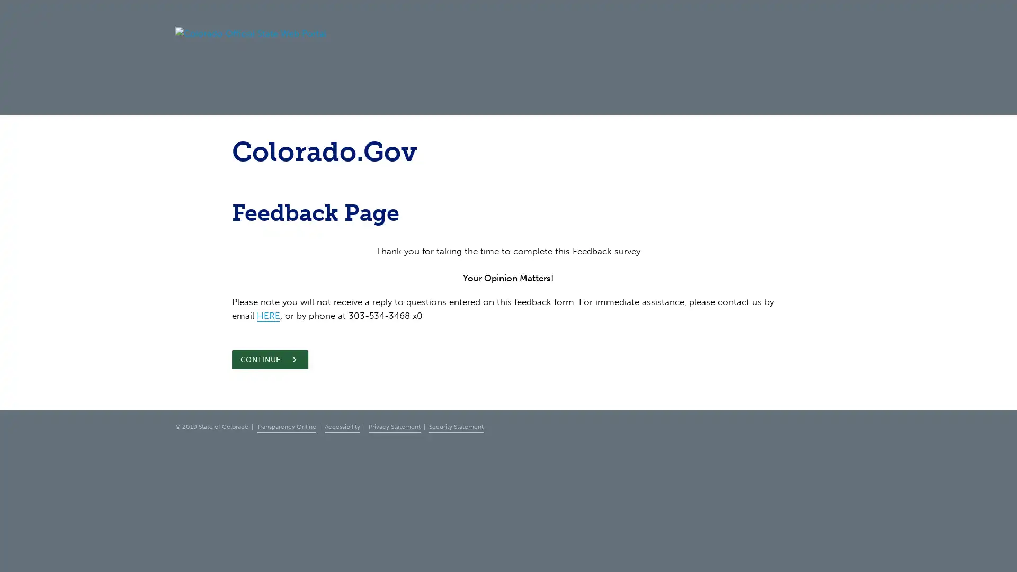 The width and height of the screenshot is (1017, 572). What do you see at coordinates (269, 359) in the screenshot?
I see `CONTINUE` at bounding box center [269, 359].